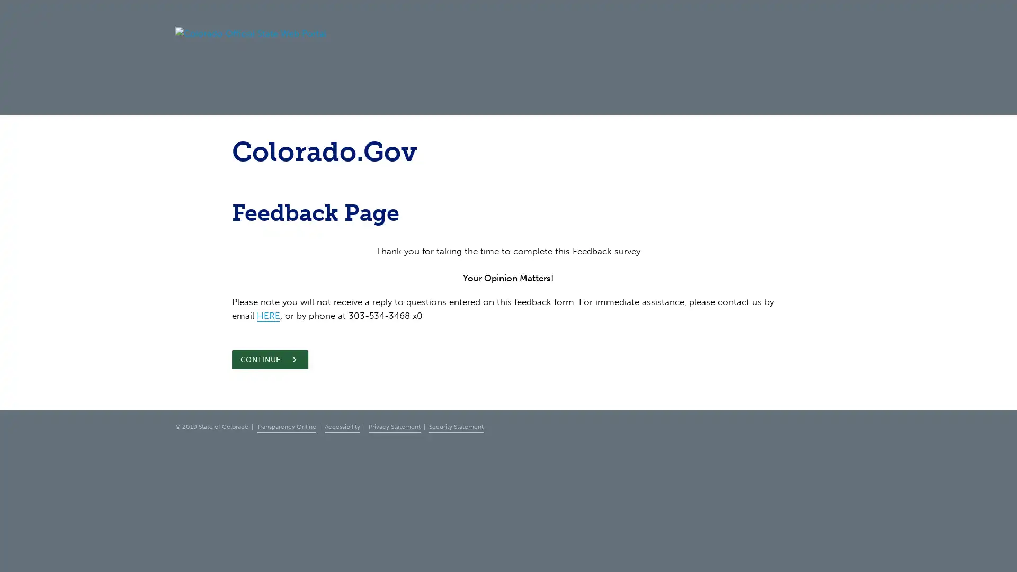 The width and height of the screenshot is (1017, 572). What do you see at coordinates (269, 359) in the screenshot?
I see `CONTINUE` at bounding box center [269, 359].